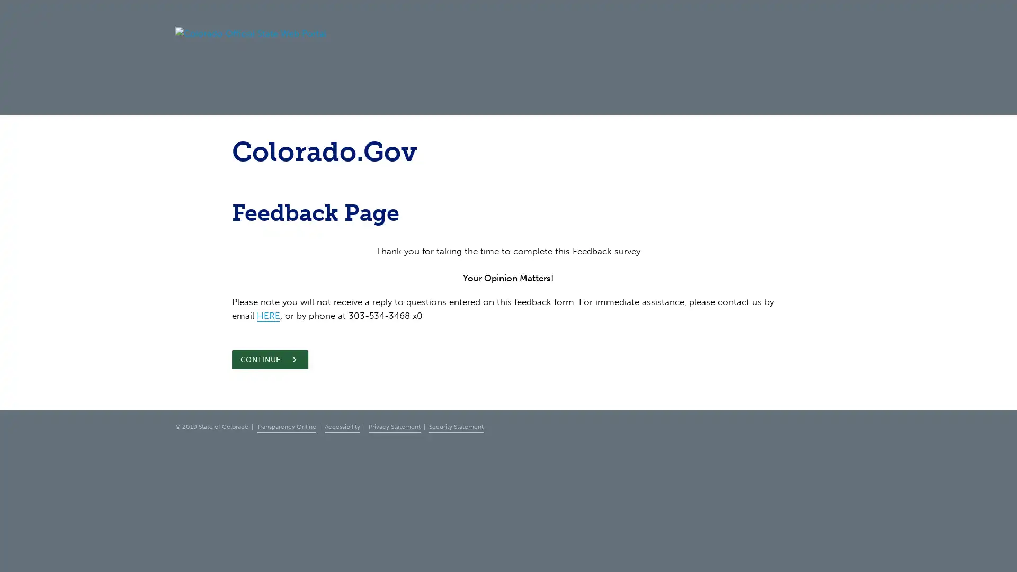 The width and height of the screenshot is (1017, 572). What do you see at coordinates (269, 359) in the screenshot?
I see `CONTINUE` at bounding box center [269, 359].